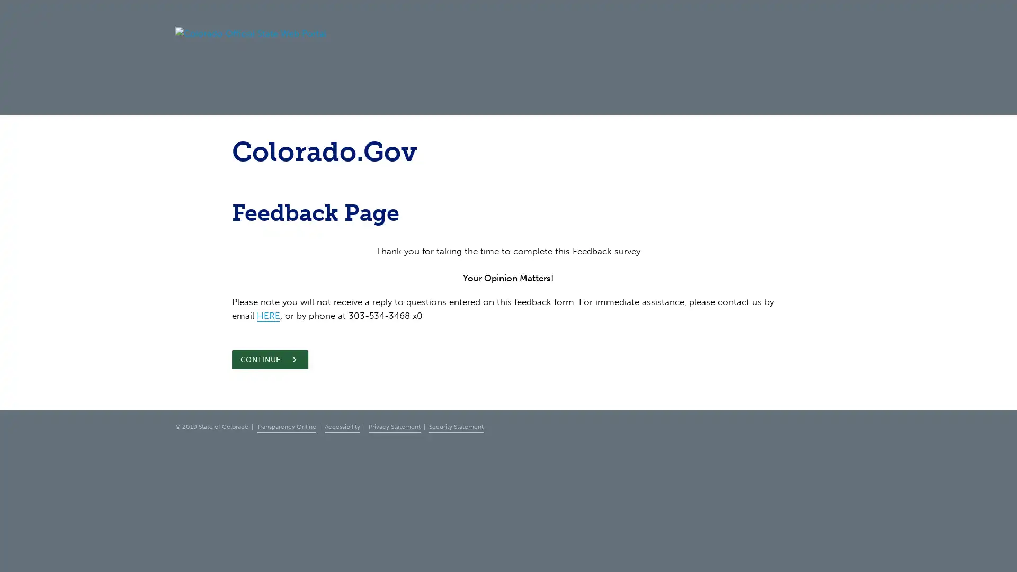 The width and height of the screenshot is (1017, 572). What do you see at coordinates (269, 359) in the screenshot?
I see `CONTINUE` at bounding box center [269, 359].